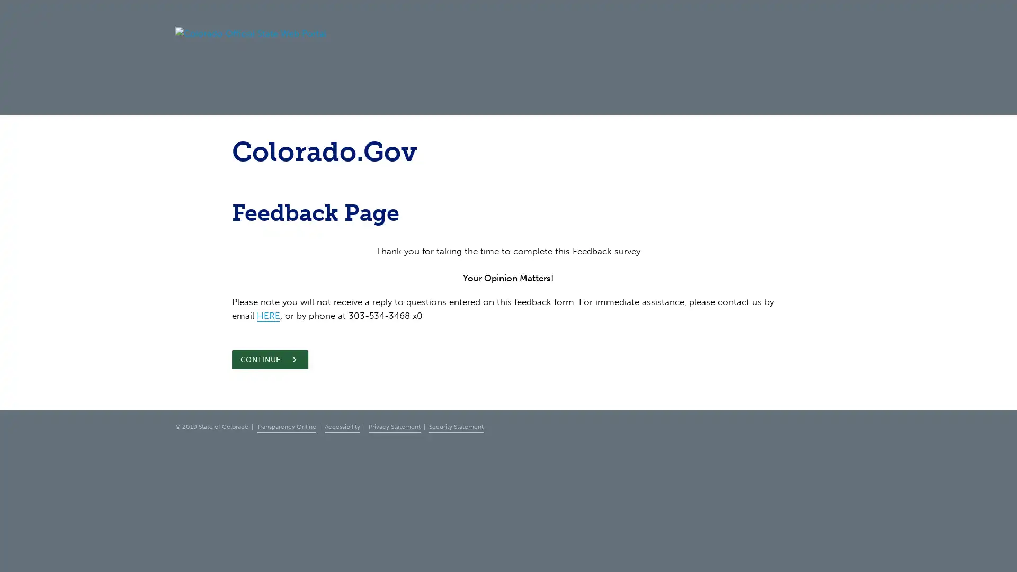 The width and height of the screenshot is (1017, 572). What do you see at coordinates (269, 359) in the screenshot?
I see `CONTINUE` at bounding box center [269, 359].